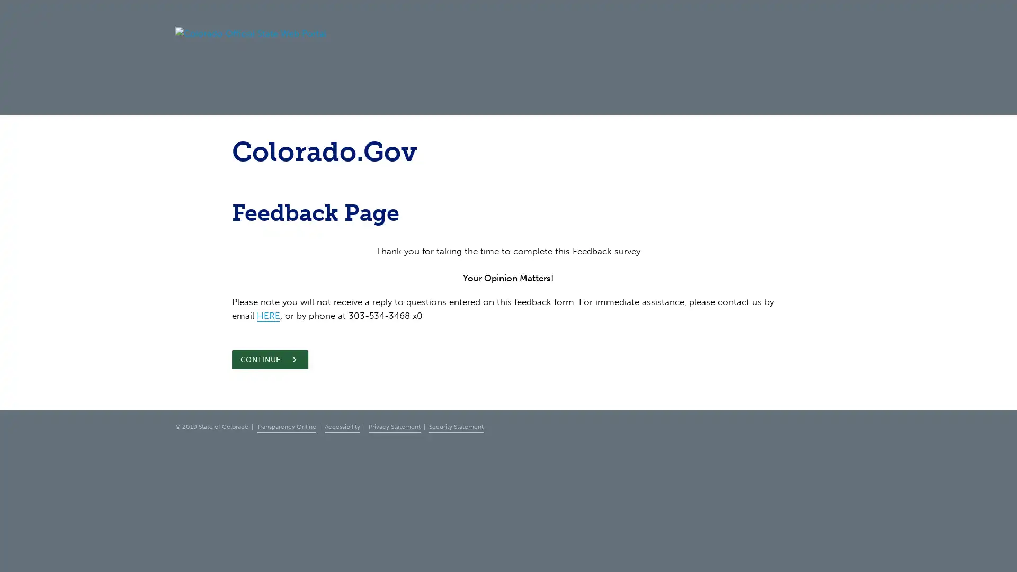 The width and height of the screenshot is (1017, 572). What do you see at coordinates (269, 359) in the screenshot?
I see `CONTINUE` at bounding box center [269, 359].